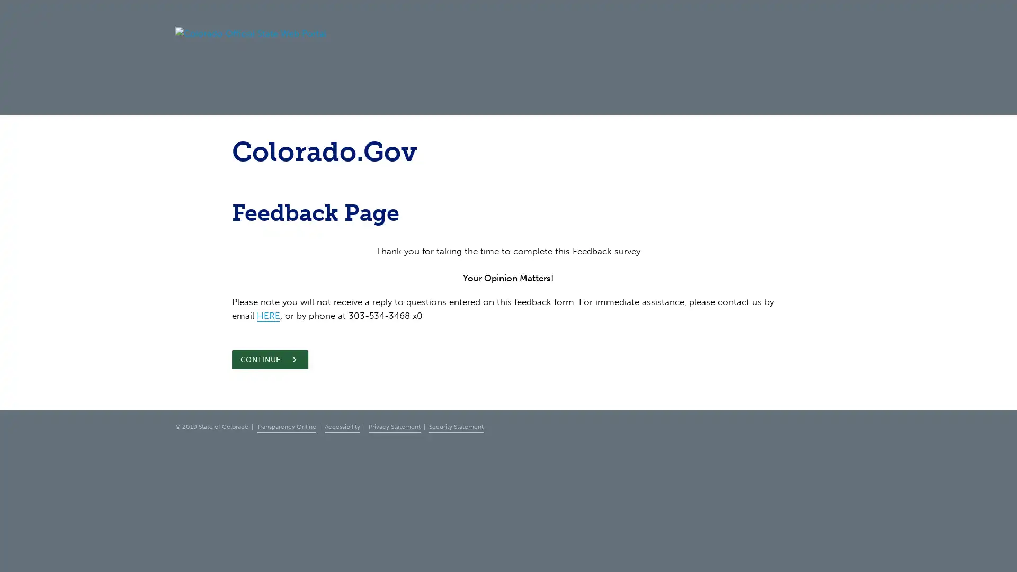 The width and height of the screenshot is (1017, 572). What do you see at coordinates (269, 359) in the screenshot?
I see `CONTINUE` at bounding box center [269, 359].